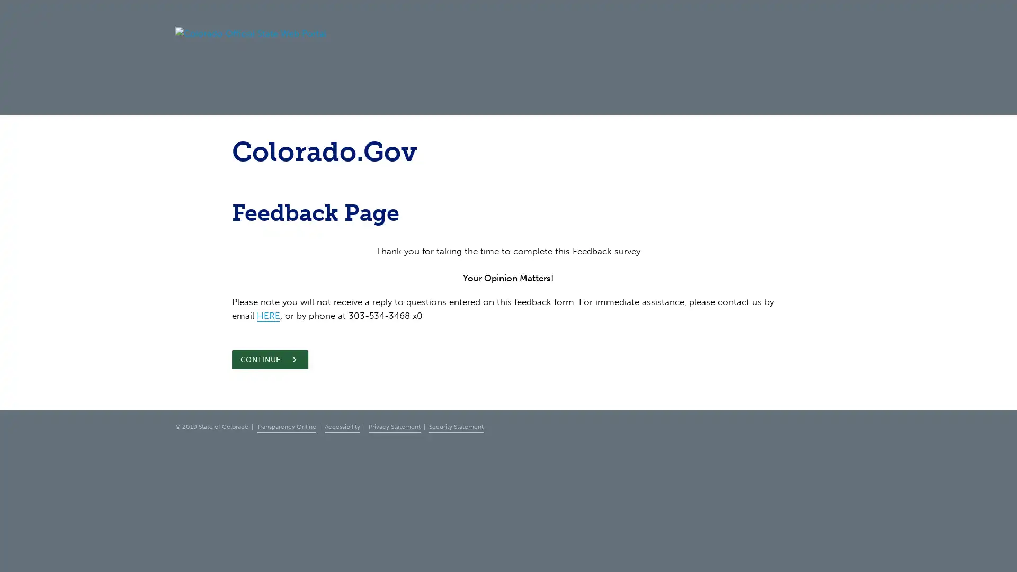 The width and height of the screenshot is (1017, 572). What do you see at coordinates (269, 359) in the screenshot?
I see `CONTINUE` at bounding box center [269, 359].